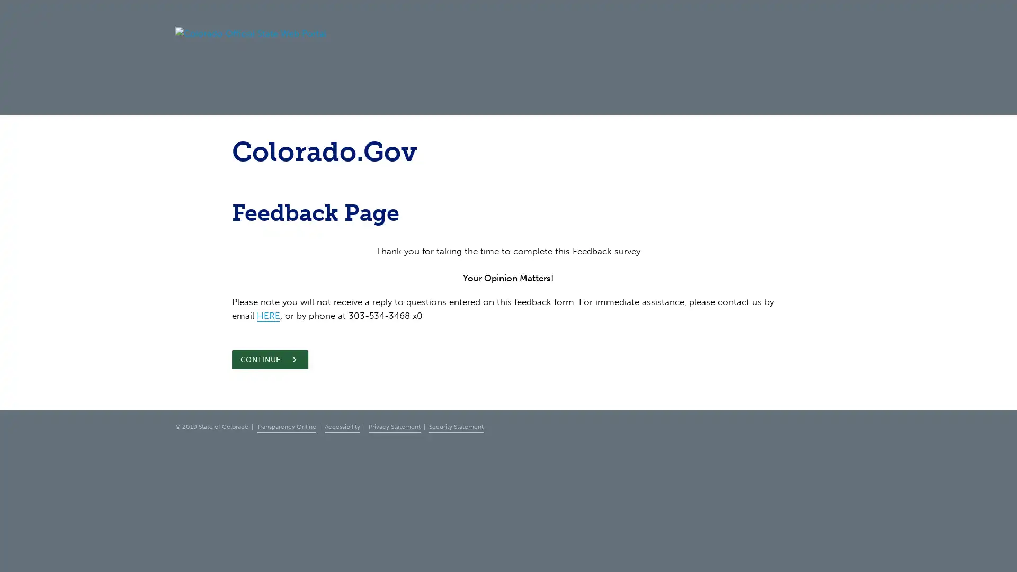 The width and height of the screenshot is (1017, 572). What do you see at coordinates (269, 359) in the screenshot?
I see `CONTINUE` at bounding box center [269, 359].